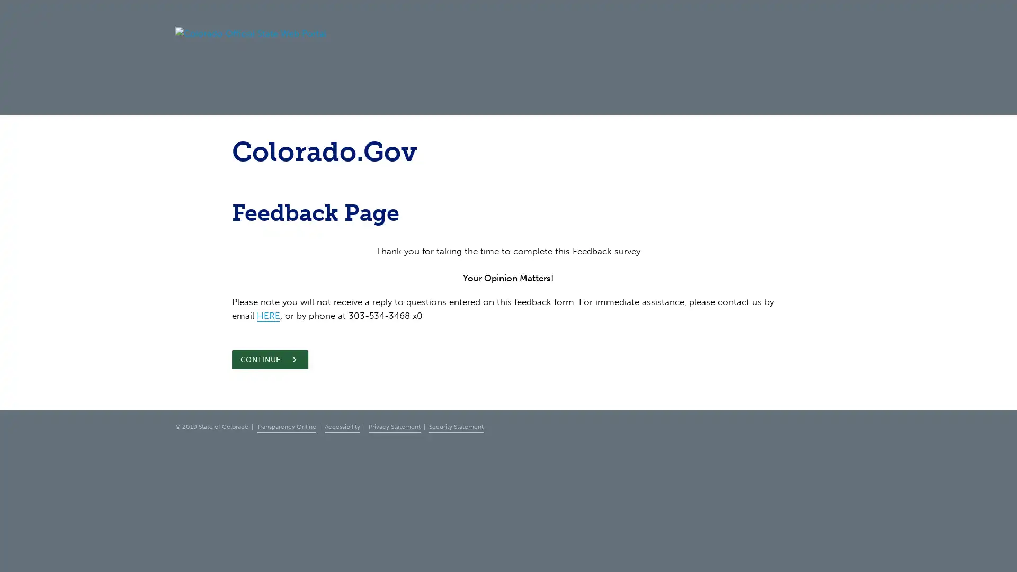 The width and height of the screenshot is (1017, 572). What do you see at coordinates (269, 359) in the screenshot?
I see `CONTINUE` at bounding box center [269, 359].